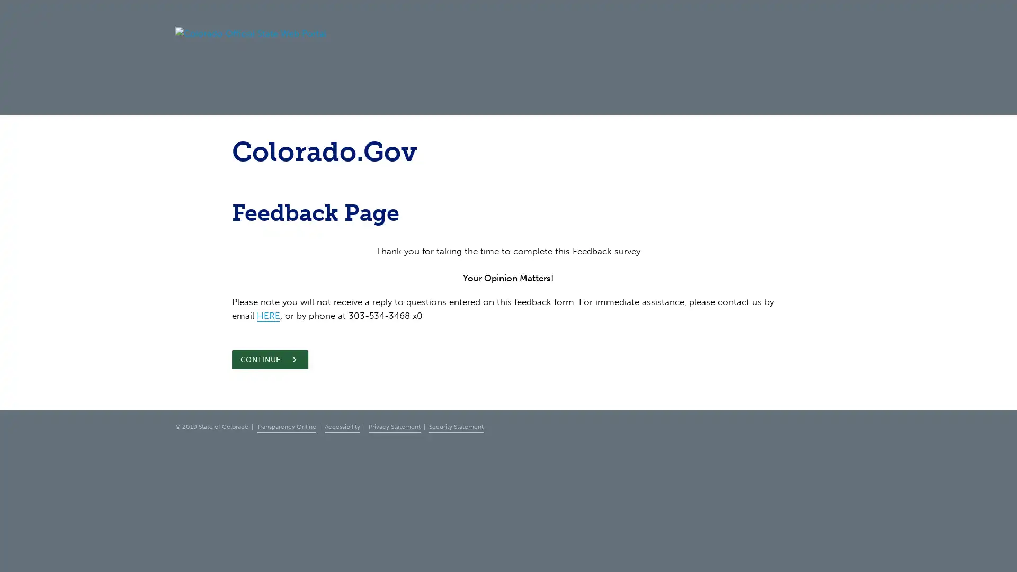 The width and height of the screenshot is (1017, 572). What do you see at coordinates (269, 359) in the screenshot?
I see `CONTINUE` at bounding box center [269, 359].